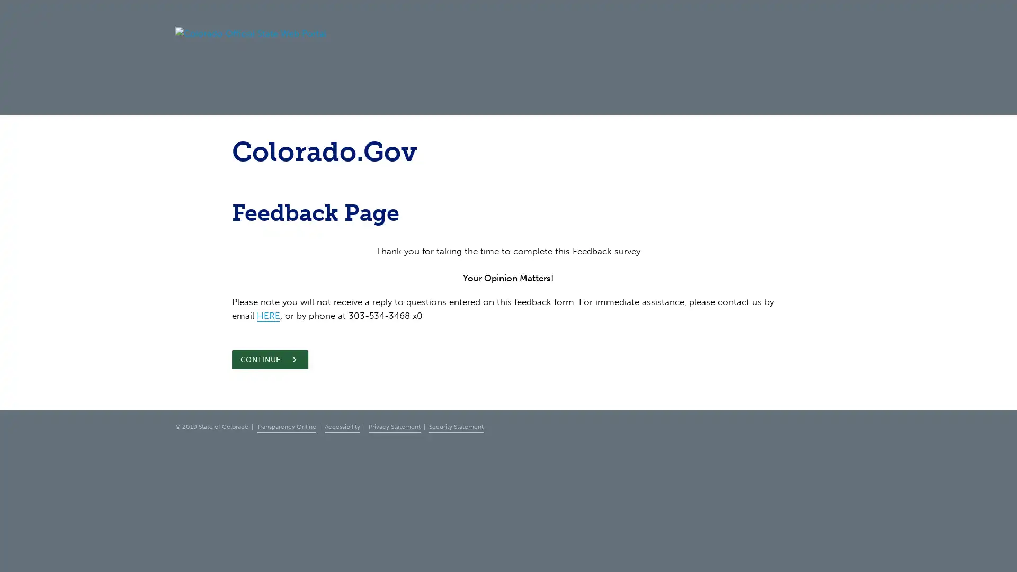 The width and height of the screenshot is (1017, 572). What do you see at coordinates (269, 359) in the screenshot?
I see `CONTINUE` at bounding box center [269, 359].